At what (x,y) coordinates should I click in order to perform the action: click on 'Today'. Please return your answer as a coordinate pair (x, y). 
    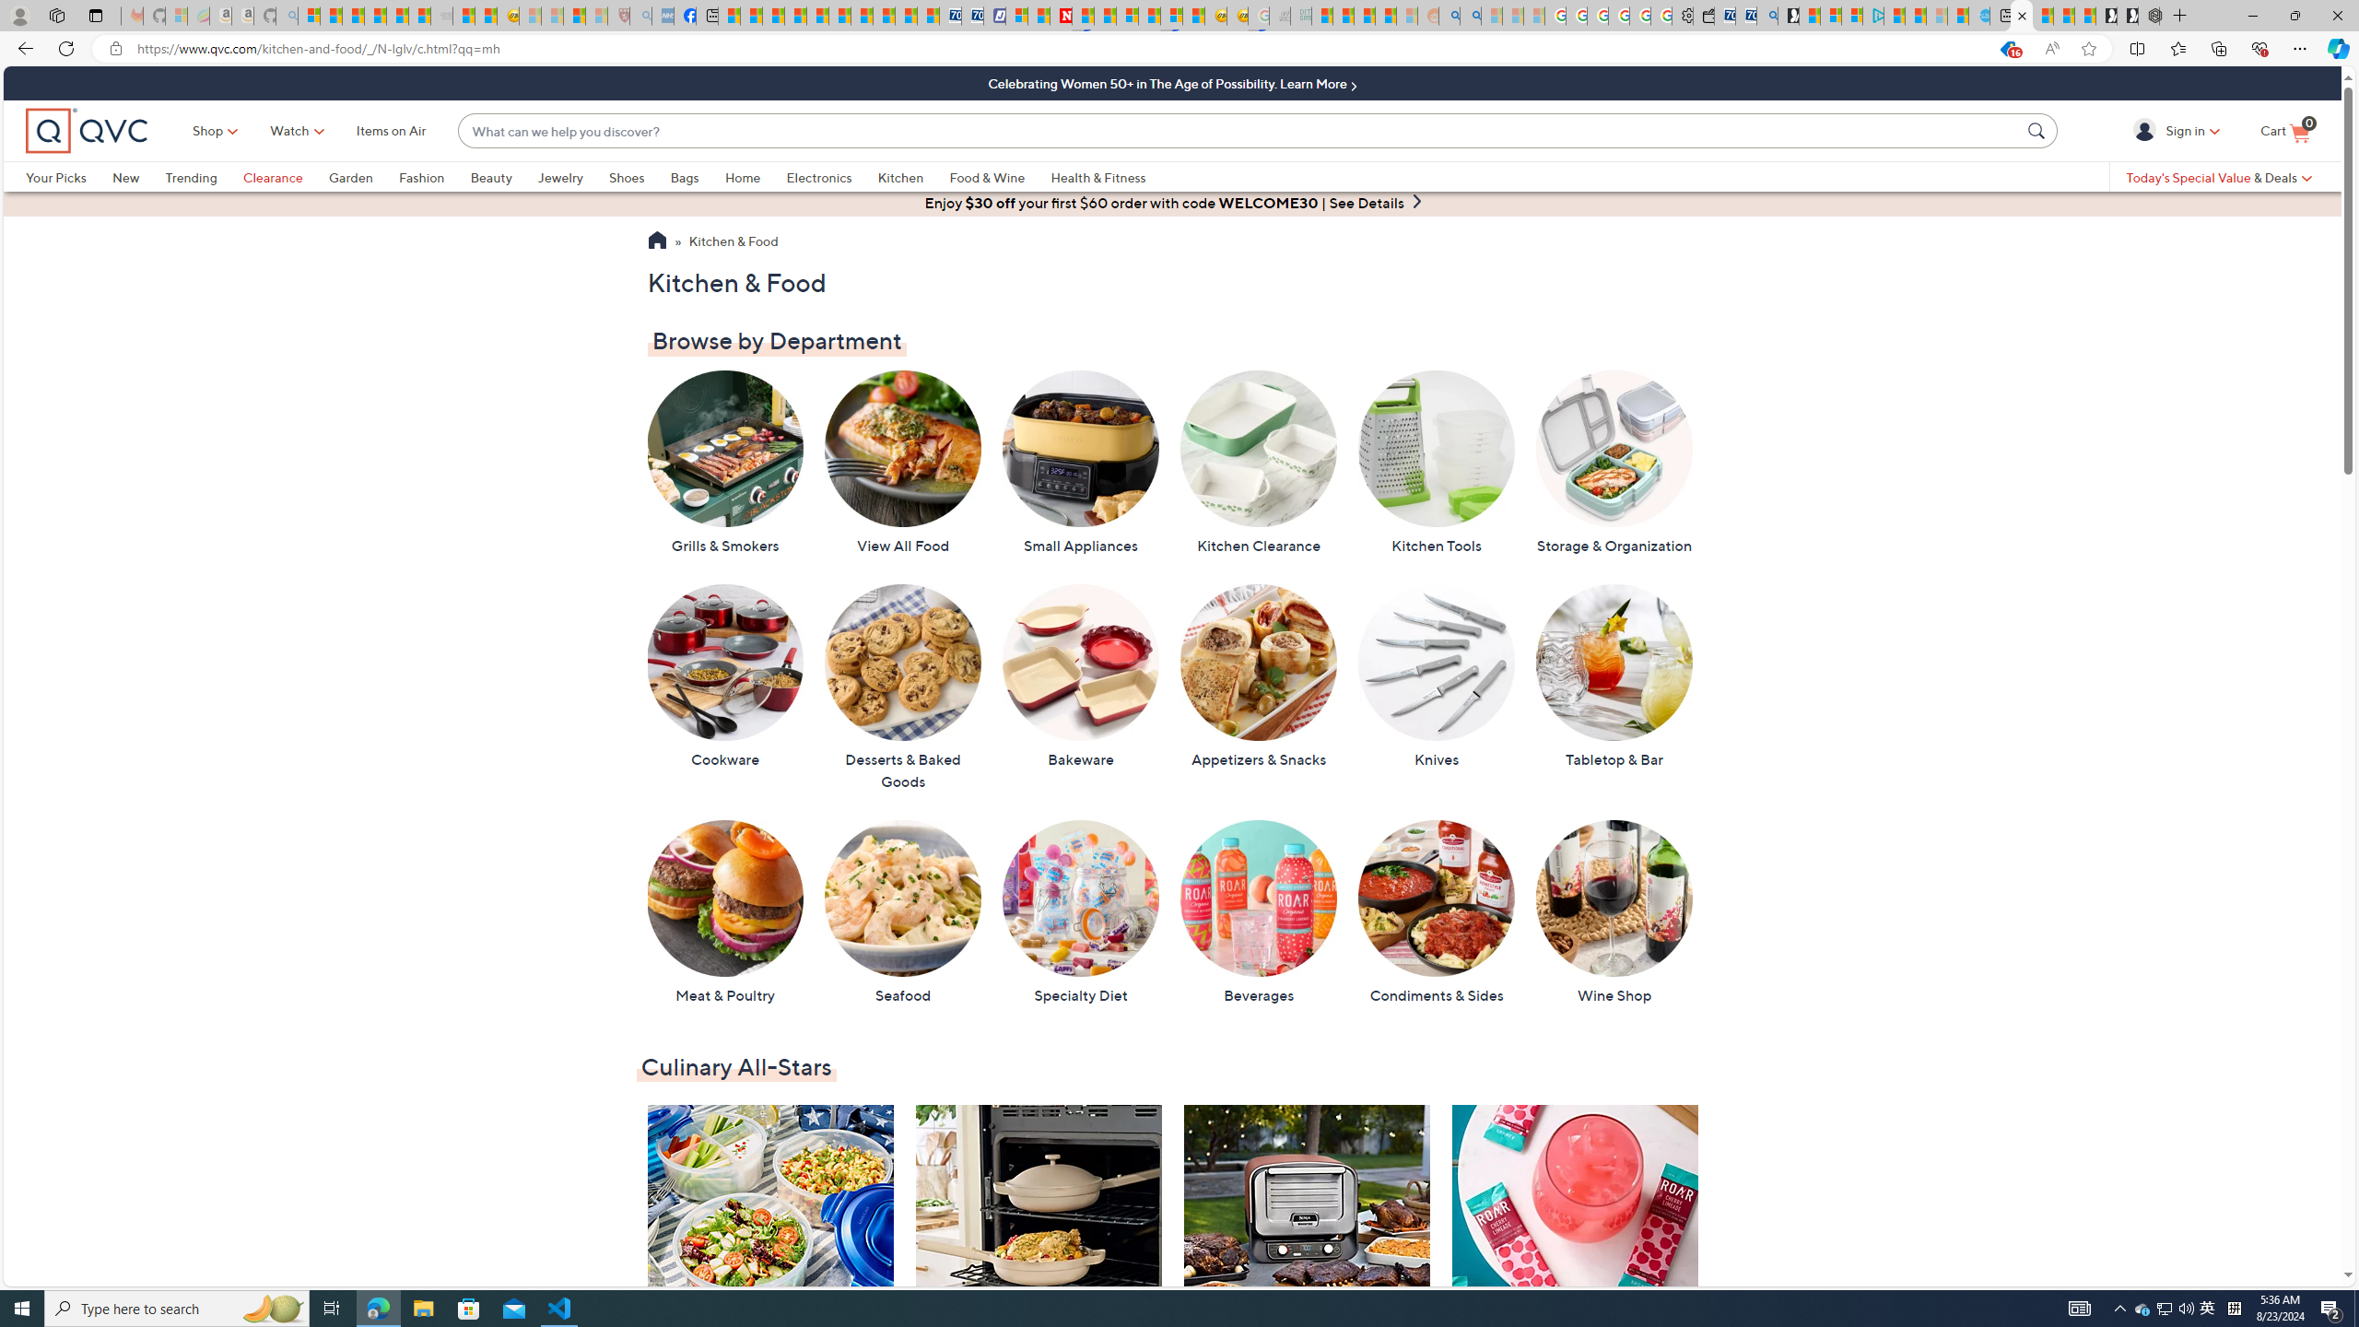
    Looking at the image, I should click on (2217, 176).